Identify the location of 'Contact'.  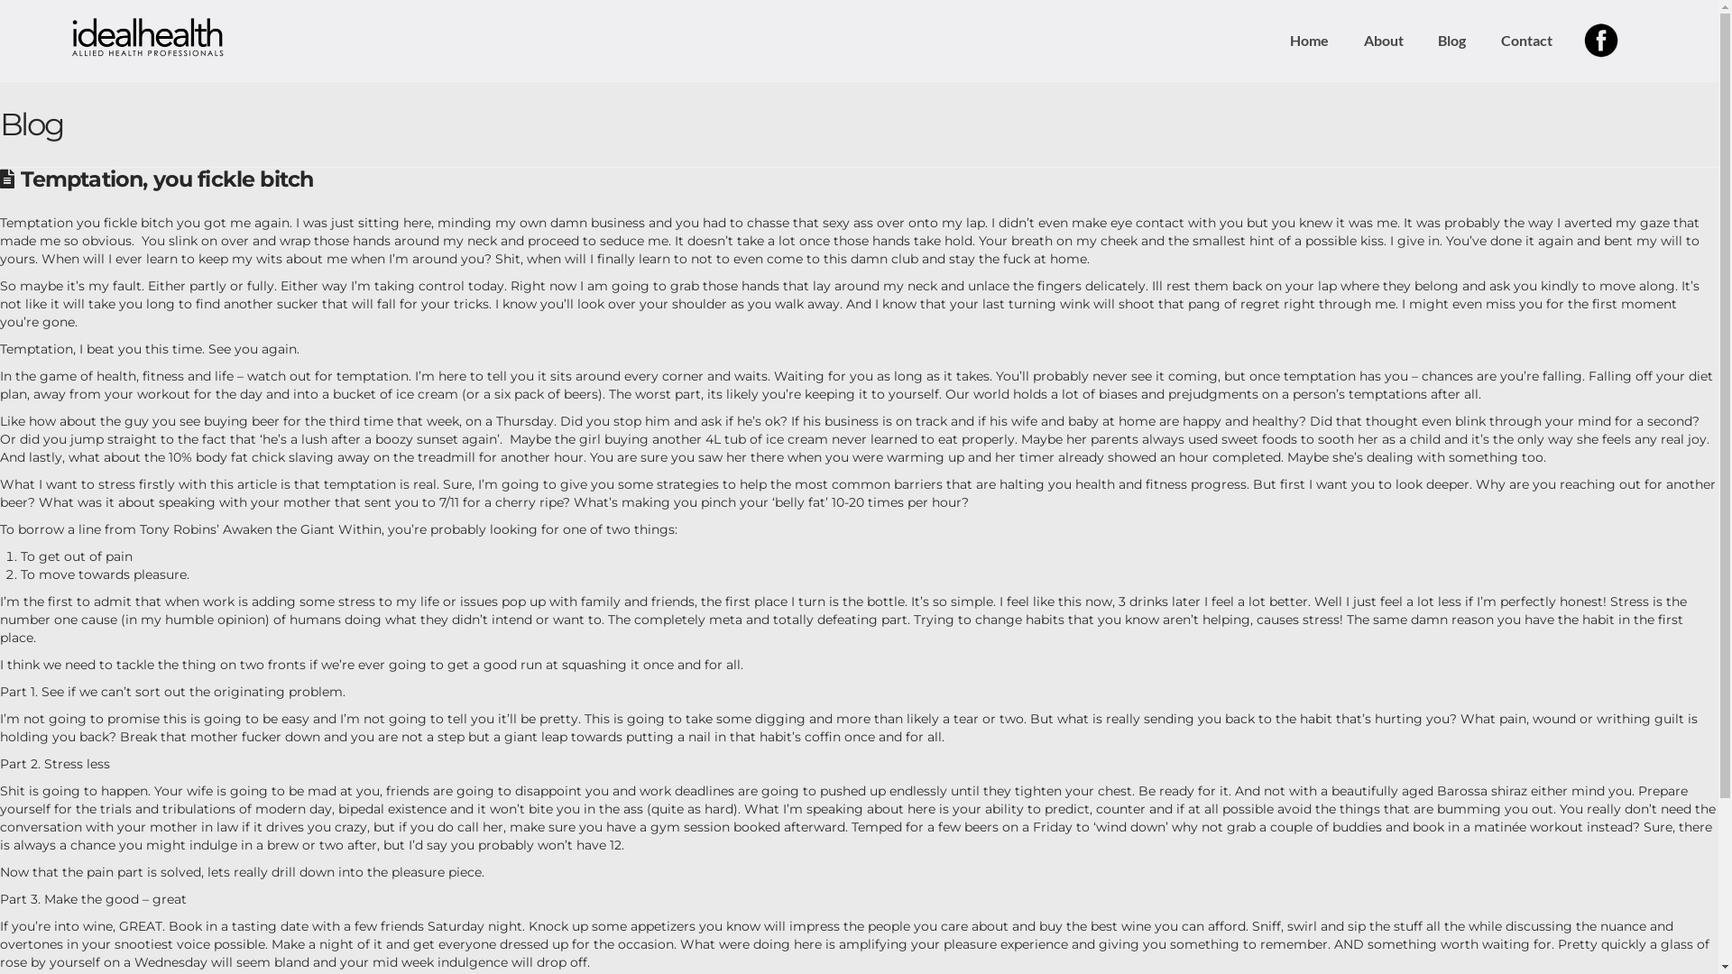
(1525, 41).